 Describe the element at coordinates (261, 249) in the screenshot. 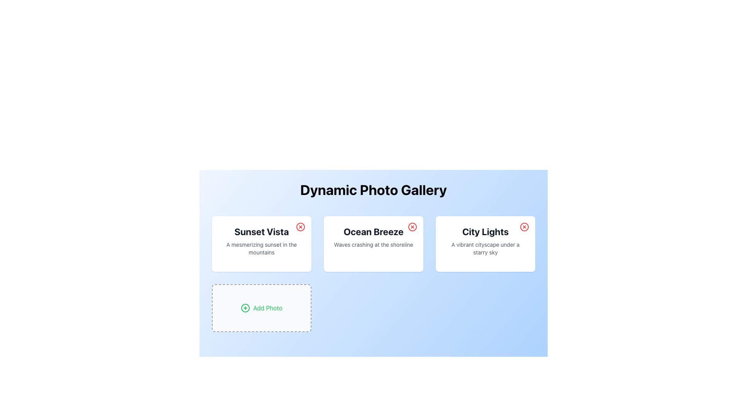

I see `descriptive text 'A mesmerizing sunset in the mountains' located below the title 'Sunset Vista' in the content card` at that location.